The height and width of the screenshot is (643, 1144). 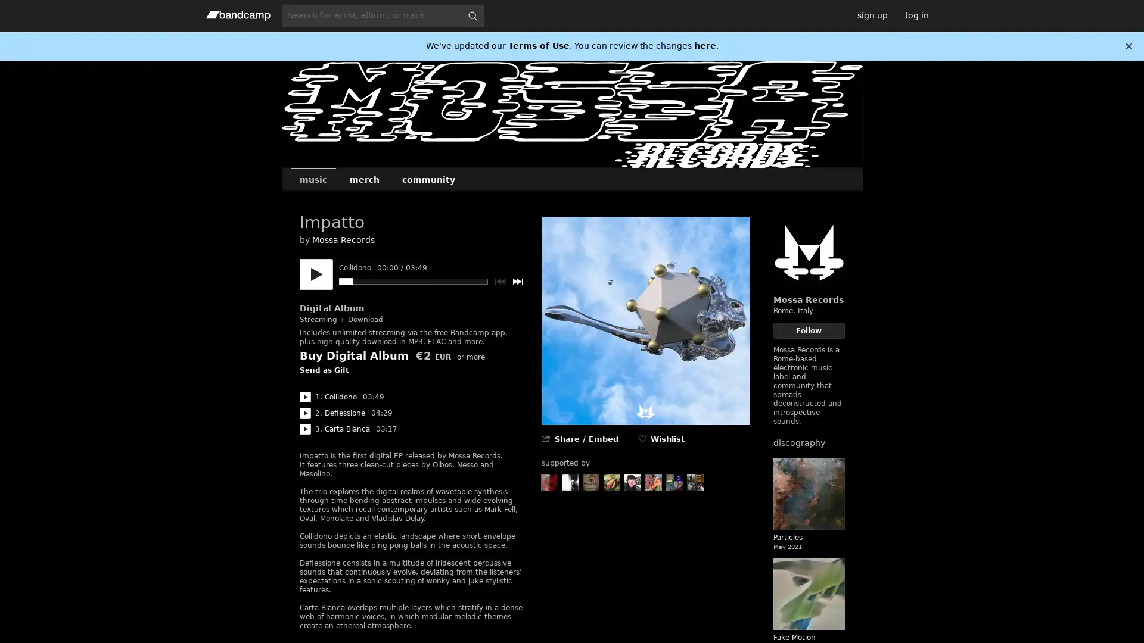 What do you see at coordinates (586, 439) in the screenshot?
I see `Share / Embed` at bounding box center [586, 439].